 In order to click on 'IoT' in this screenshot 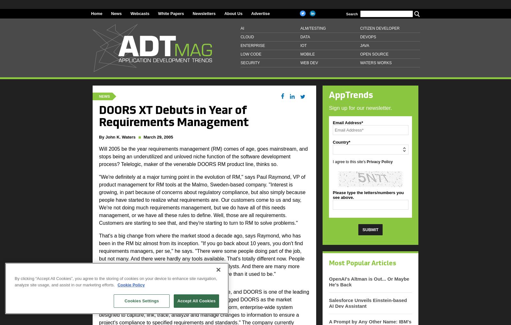, I will do `click(300, 45)`.